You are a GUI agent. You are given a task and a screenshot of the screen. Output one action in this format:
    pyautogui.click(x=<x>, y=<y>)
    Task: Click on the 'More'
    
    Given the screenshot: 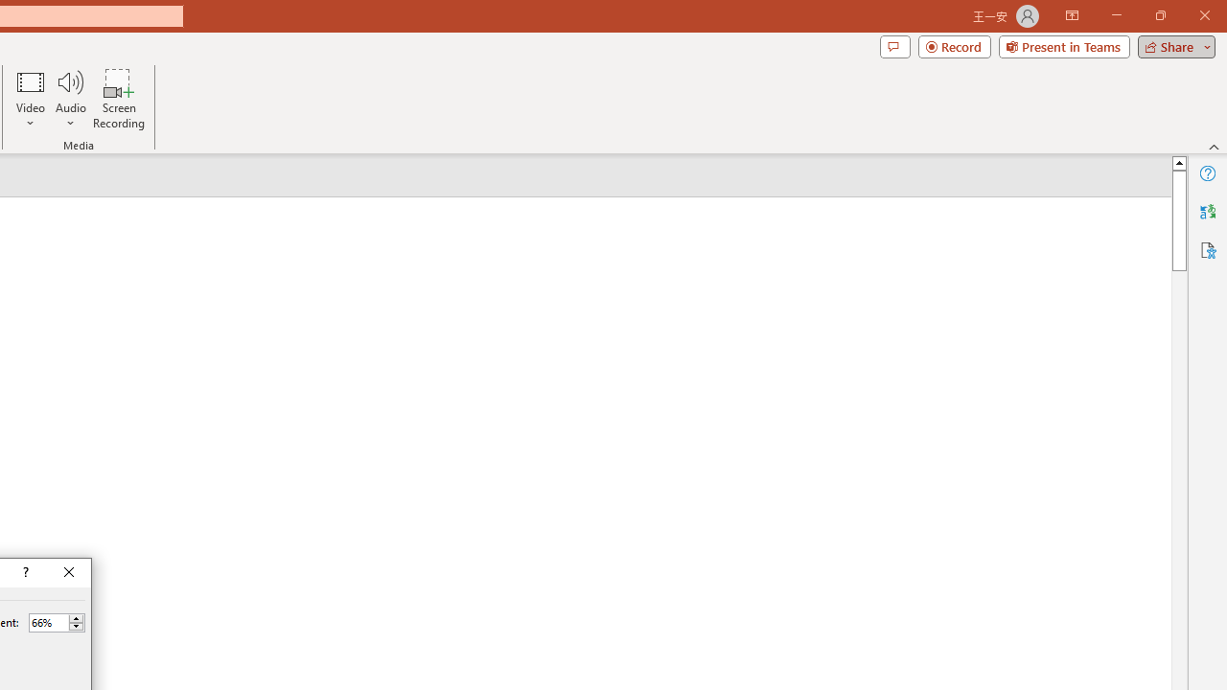 What is the action you would take?
    pyautogui.click(x=76, y=618)
    